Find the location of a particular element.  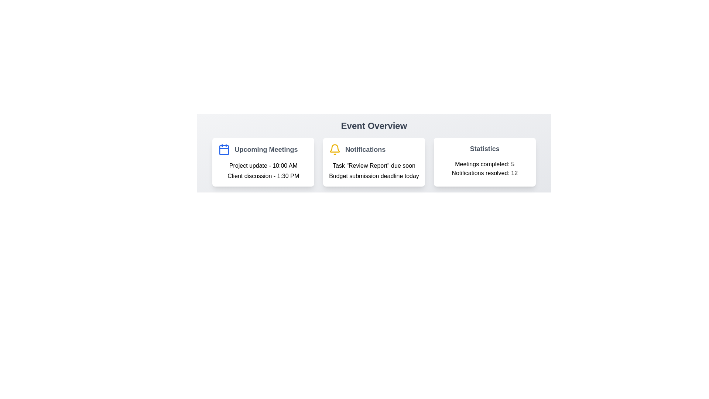

the blue calendar icon located to the left of the 'Upcoming Meetings' title, which is part of a horizontal group of information boxes is located at coordinates (224, 150).